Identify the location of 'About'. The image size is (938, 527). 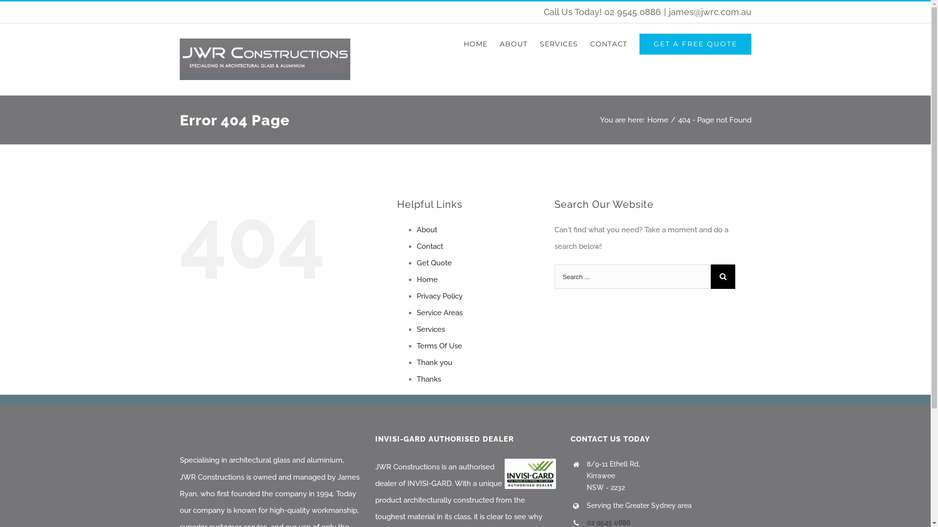
(426, 229).